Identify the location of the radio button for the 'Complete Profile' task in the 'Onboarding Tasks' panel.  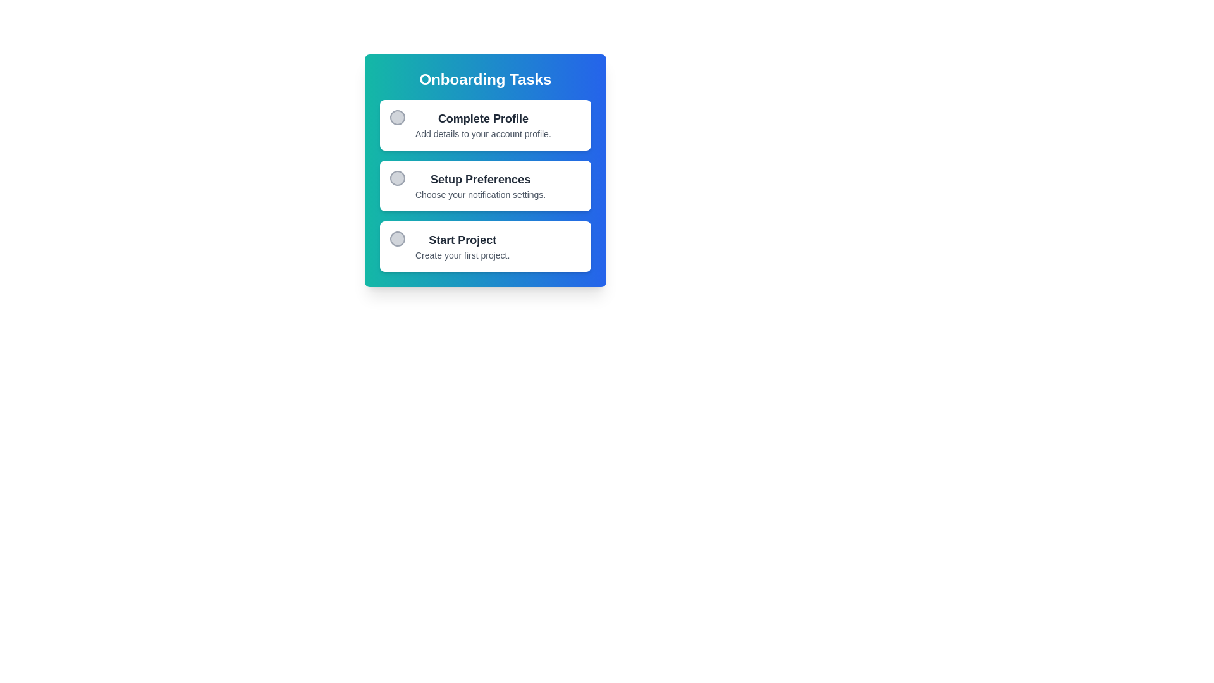
(396, 117).